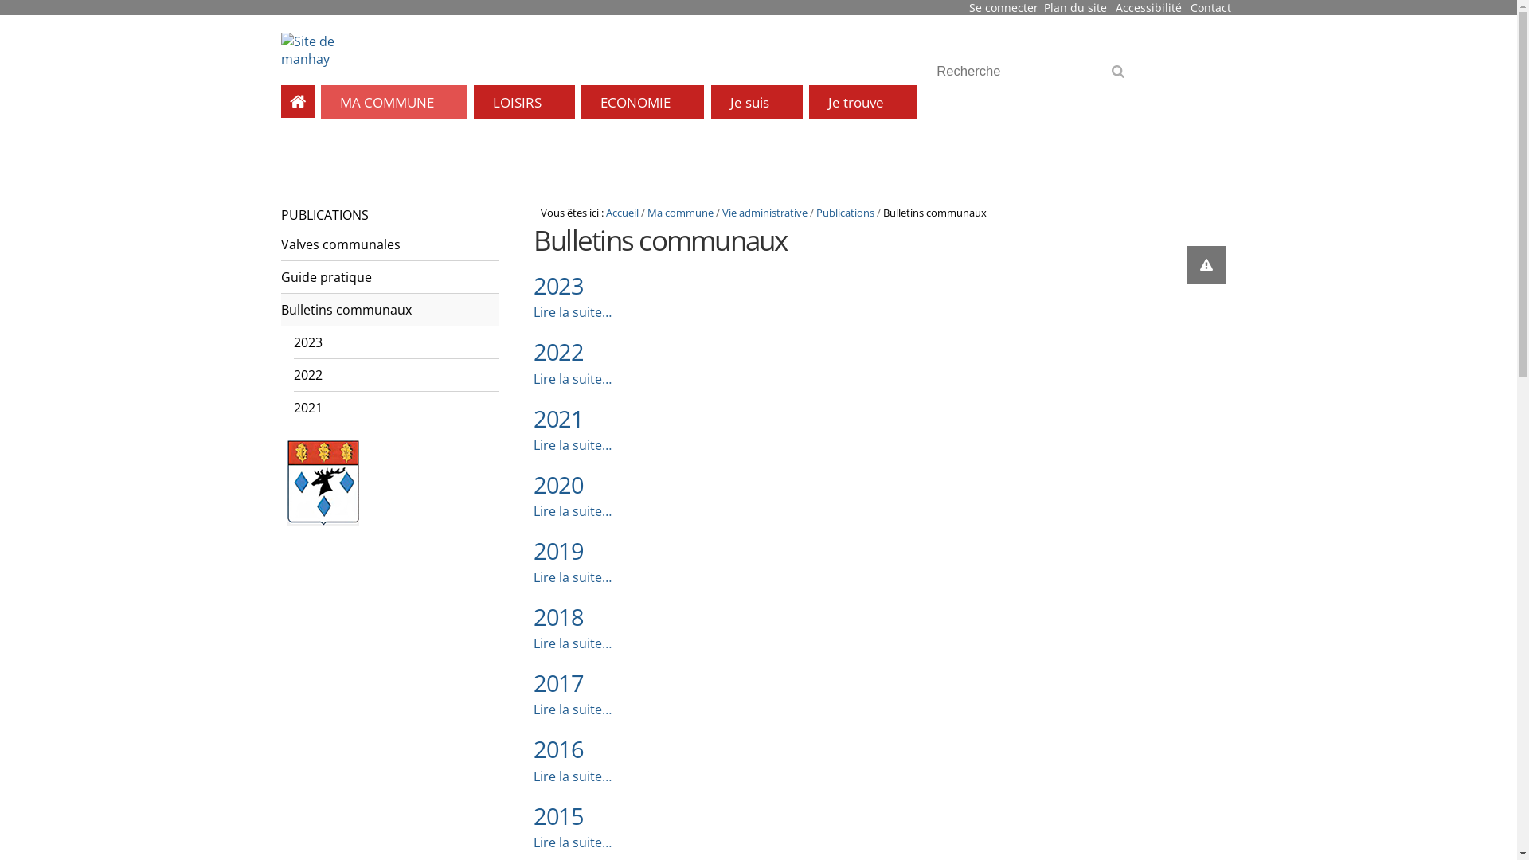 This screenshot has width=1529, height=860. Describe the element at coordinates (764, 211) in the screenshot. I see `'Vie administrative'` at that location.